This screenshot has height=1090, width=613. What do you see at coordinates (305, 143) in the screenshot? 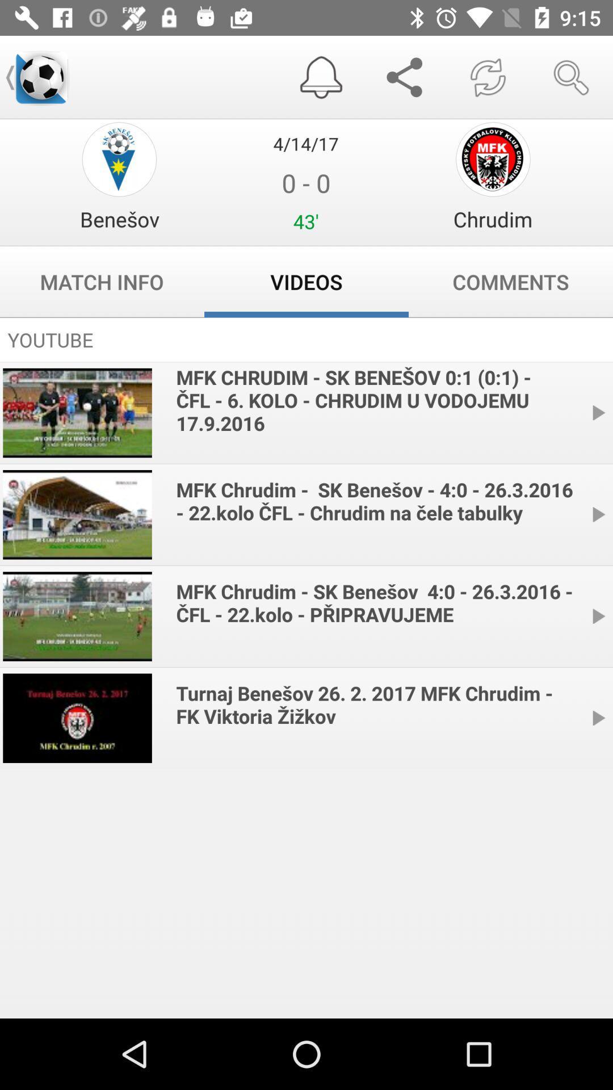
I see `4/14/17 item` at bounding box center [305, 143].